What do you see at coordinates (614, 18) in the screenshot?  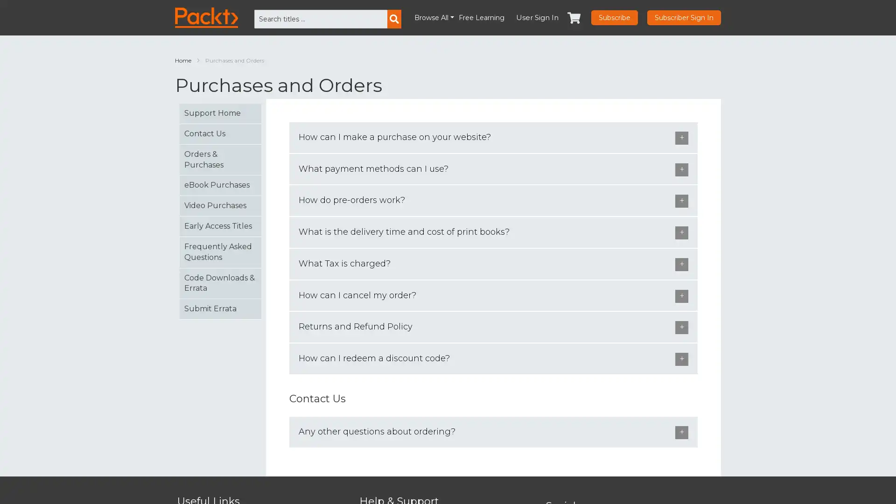 I see `Subscribe` at bounding box center [614, 18].